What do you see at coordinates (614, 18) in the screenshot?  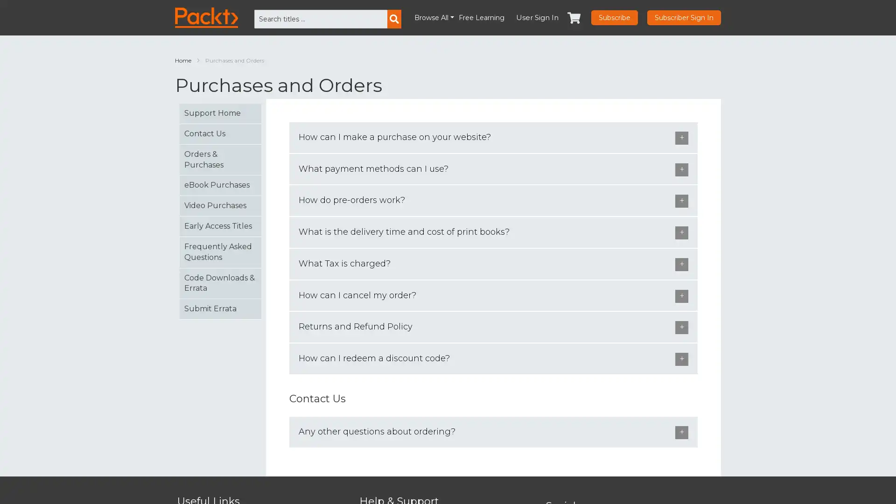 I see `Subscribe` at bounding box center [614, 18].